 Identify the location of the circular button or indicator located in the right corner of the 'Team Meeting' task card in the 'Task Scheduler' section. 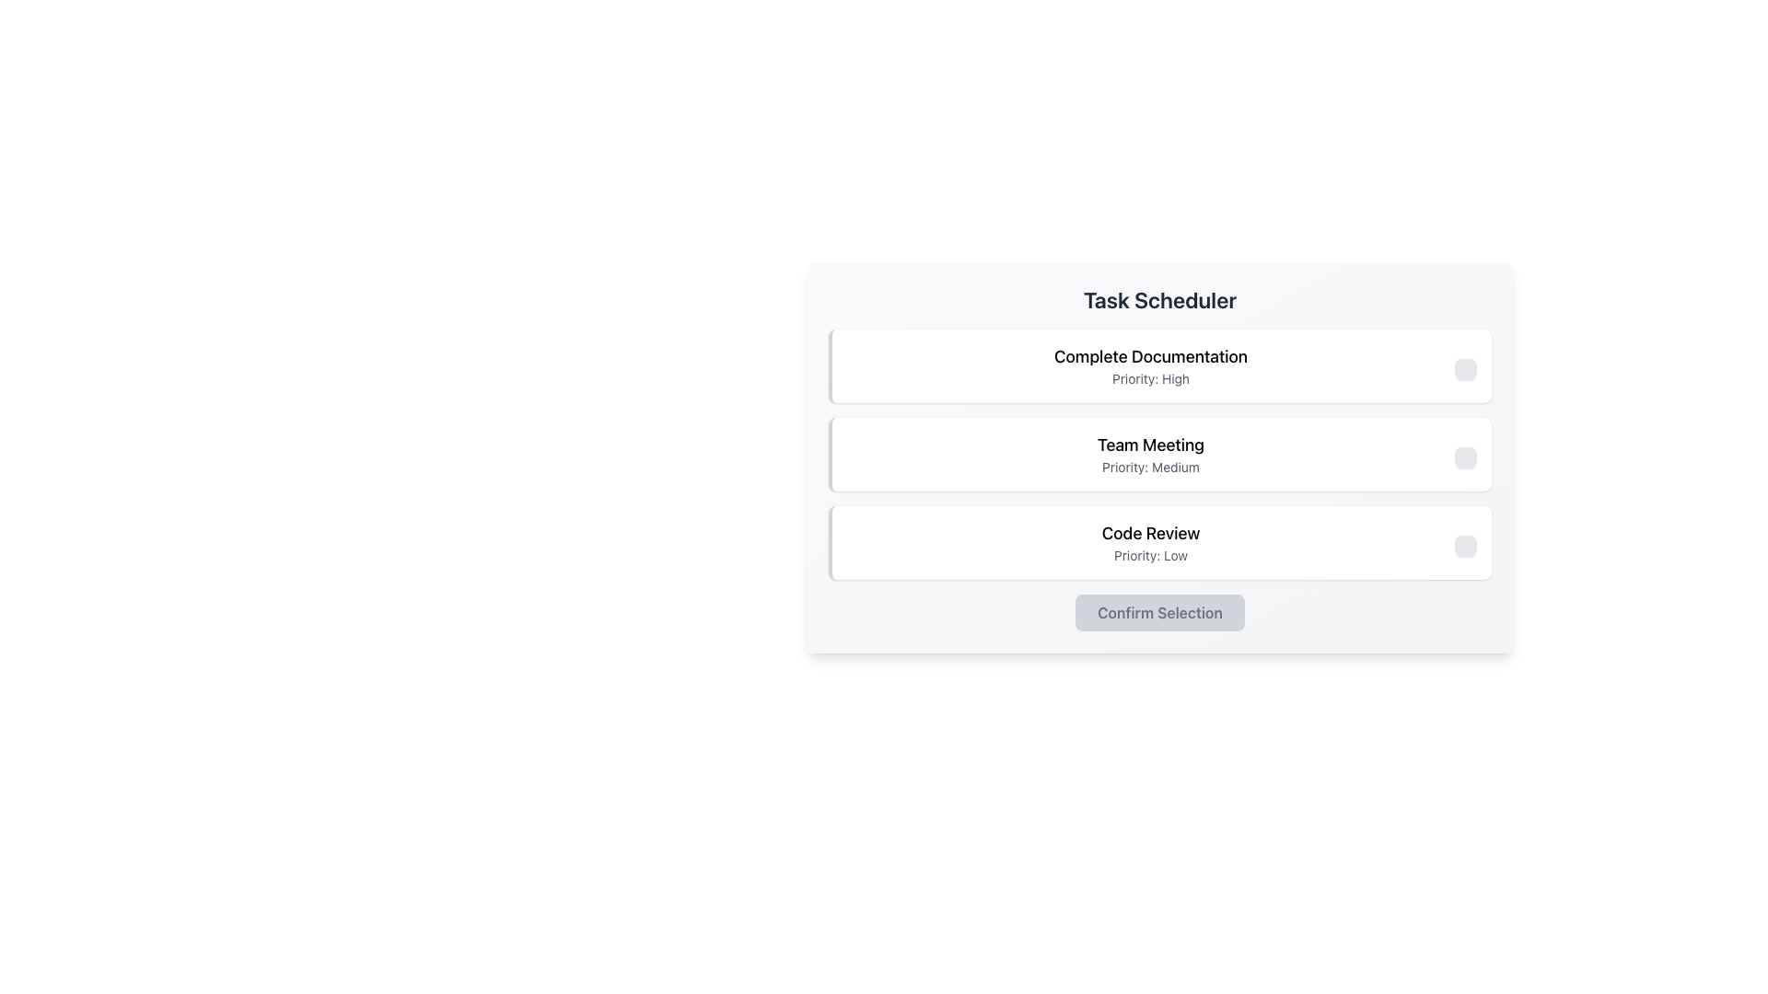
(1465, 457).